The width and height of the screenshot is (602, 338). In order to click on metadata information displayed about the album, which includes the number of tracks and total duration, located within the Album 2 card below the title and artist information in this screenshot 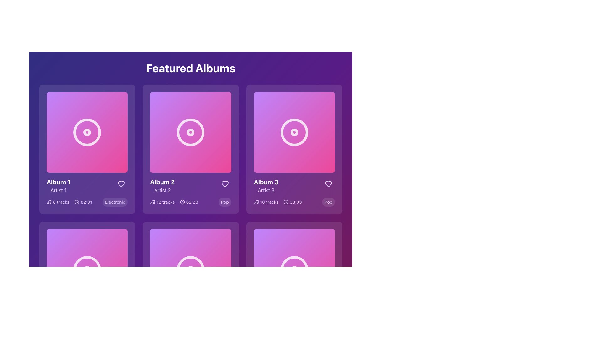, I will do `click(174, 202)`.